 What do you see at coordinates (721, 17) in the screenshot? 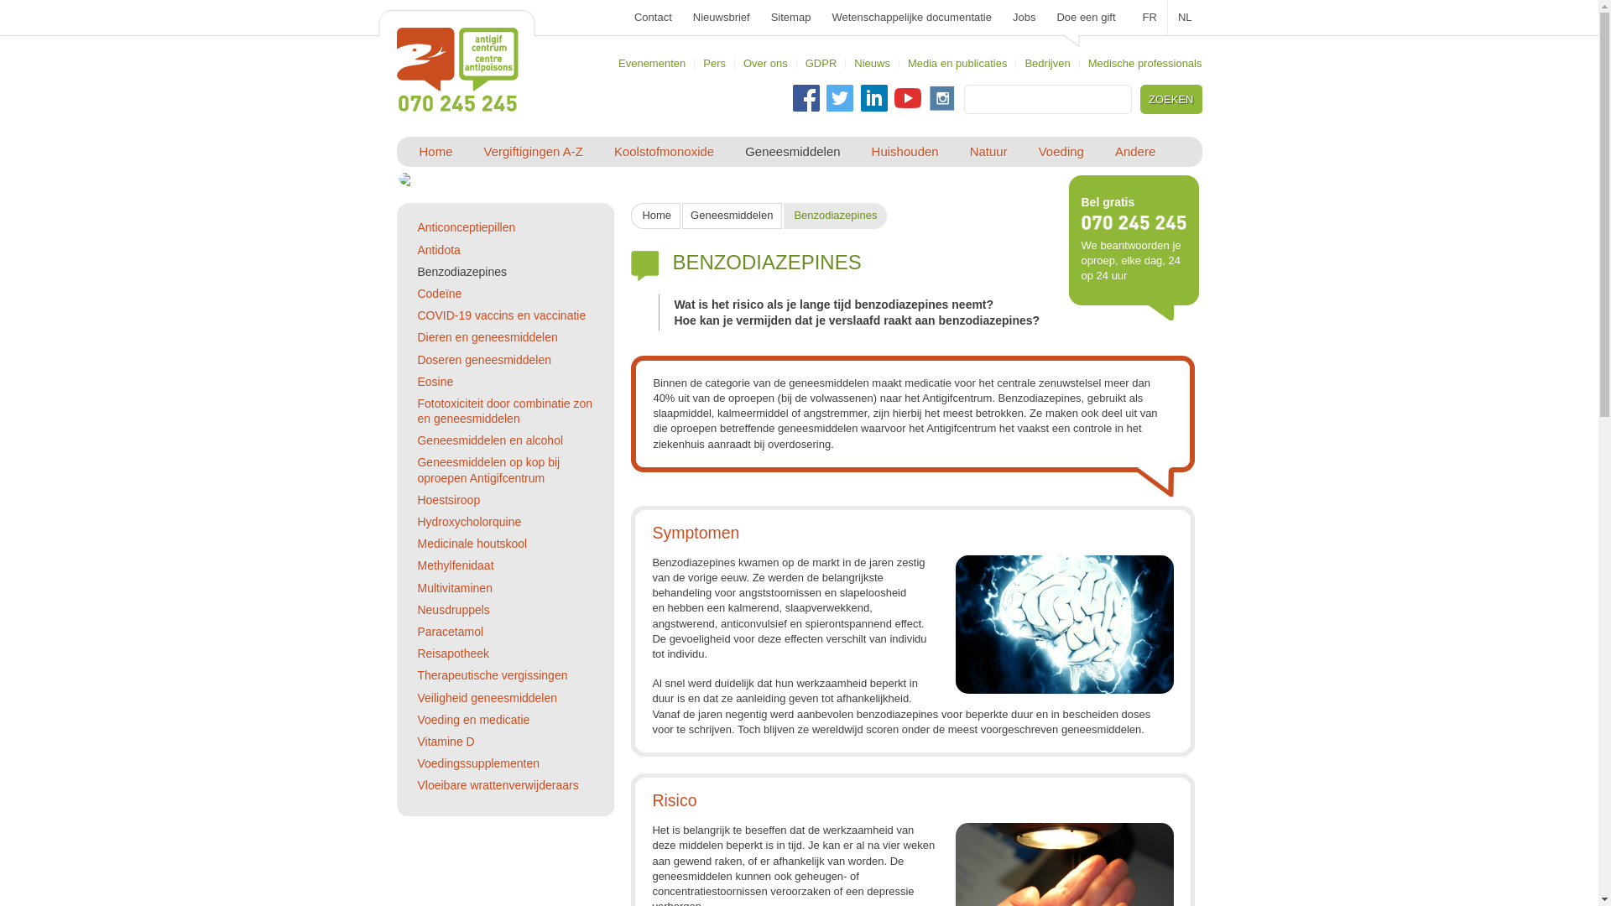
I see `'Nieuwsbrief'` at bounding box center [721, 17].